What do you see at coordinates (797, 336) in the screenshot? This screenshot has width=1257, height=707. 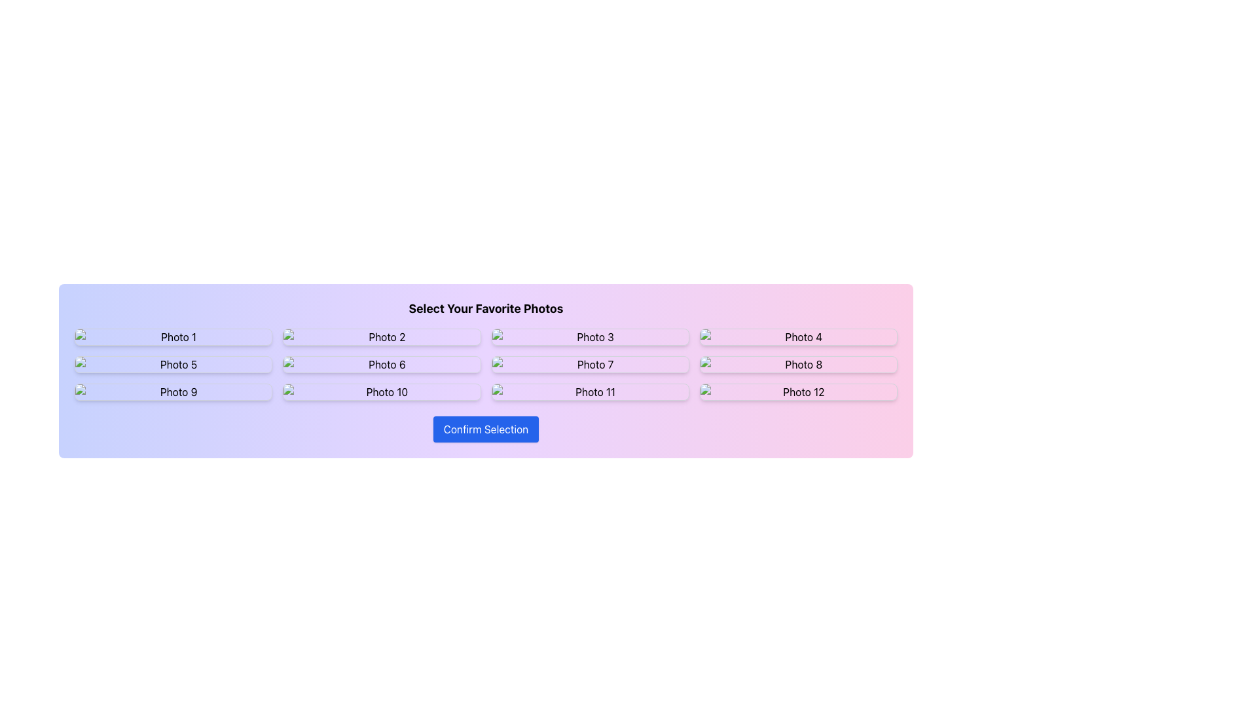 I see `the image element labeled 'Photo 4'` at bounding box center [797, 336].